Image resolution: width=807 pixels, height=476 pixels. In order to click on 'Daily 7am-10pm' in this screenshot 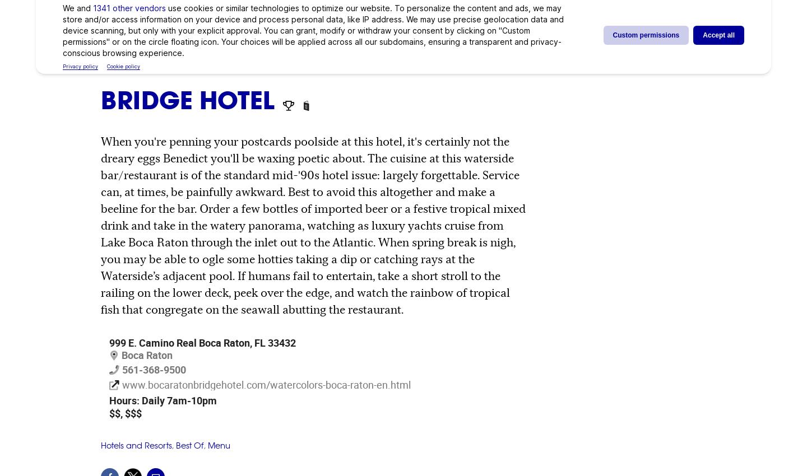, I will do `click(178, 400)`.